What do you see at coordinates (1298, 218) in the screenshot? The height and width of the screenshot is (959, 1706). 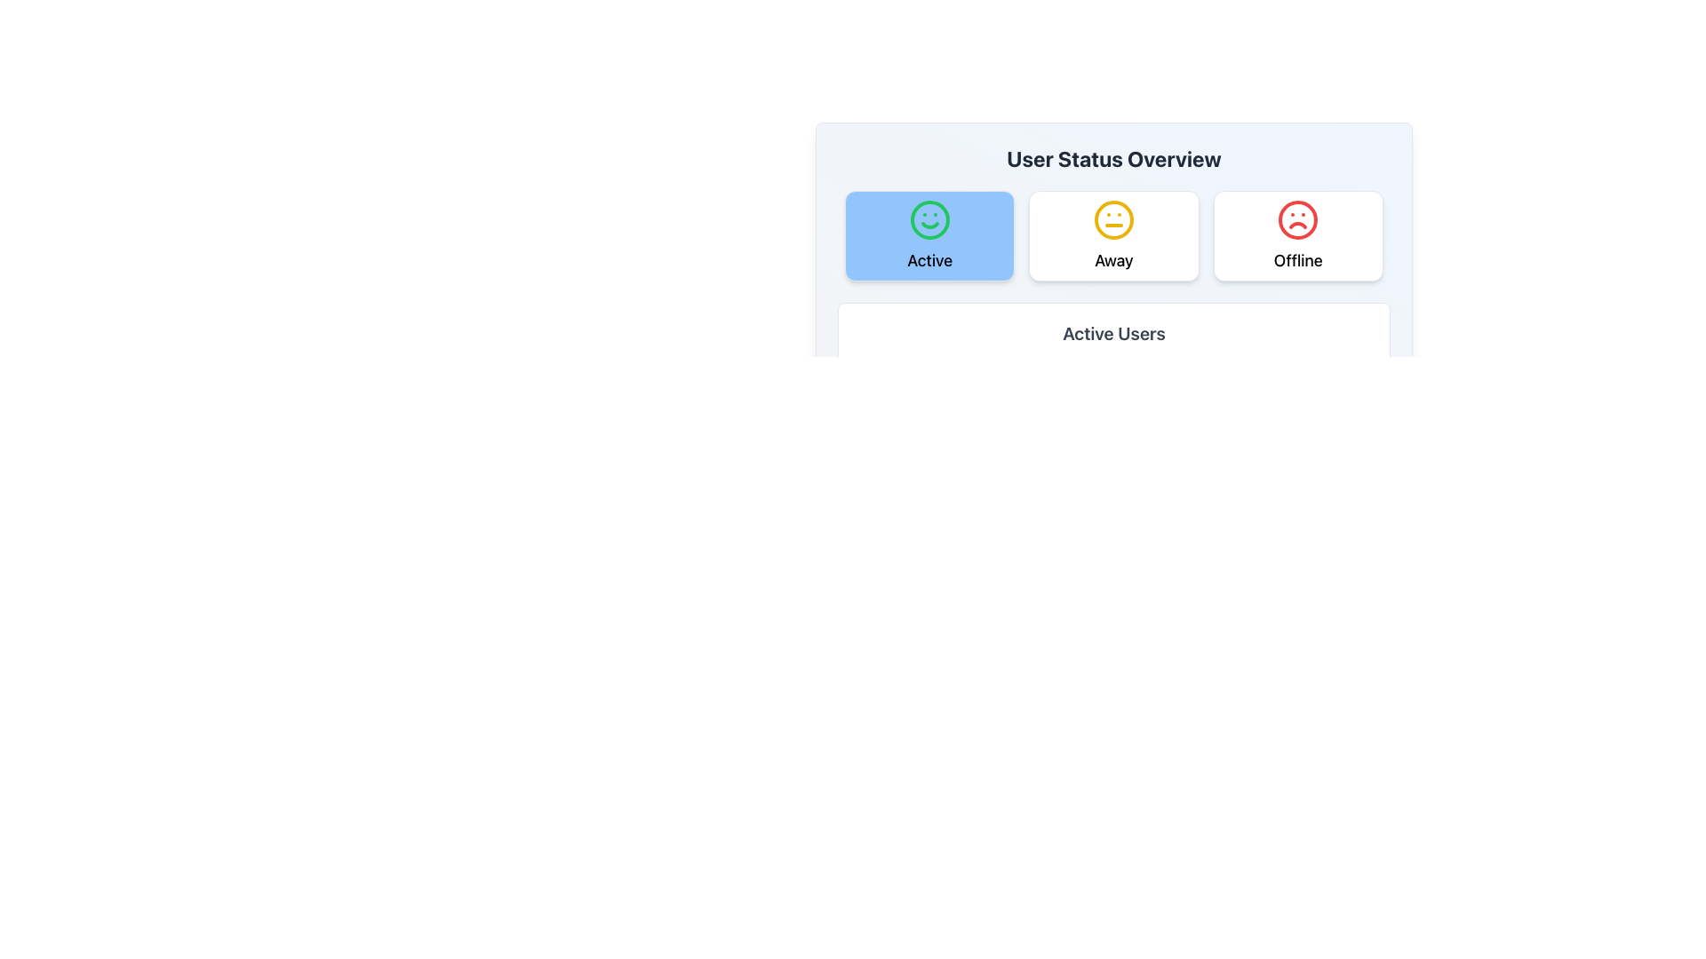 I see `the 'Offline' status icon, which is the rightmost icon among the three user-status icons ('Active,' 'Away,' and 'Offline'), located above the text label 'Offline'` at bounding box center [1298, 218].